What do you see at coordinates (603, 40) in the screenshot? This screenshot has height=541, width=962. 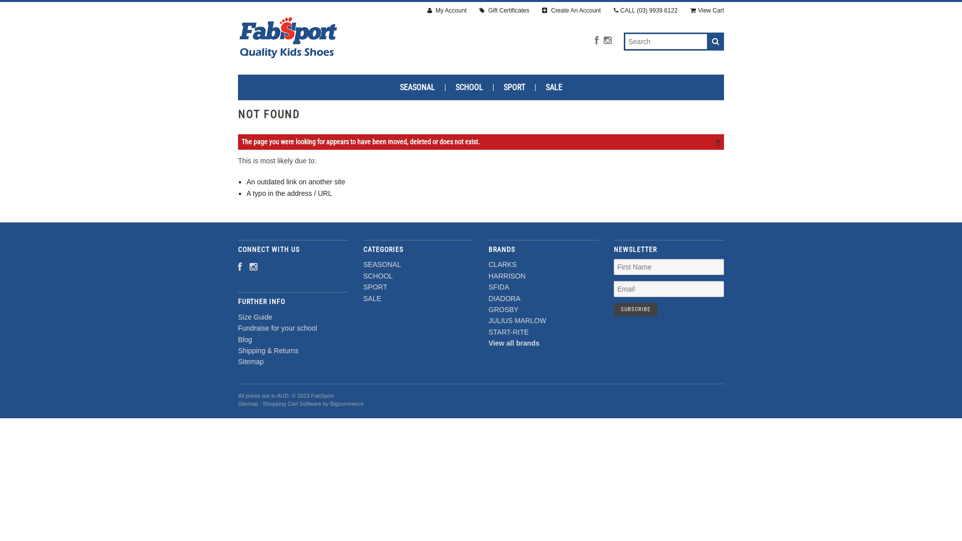 I see `'Instagram'` at bounding box center [603, 40].